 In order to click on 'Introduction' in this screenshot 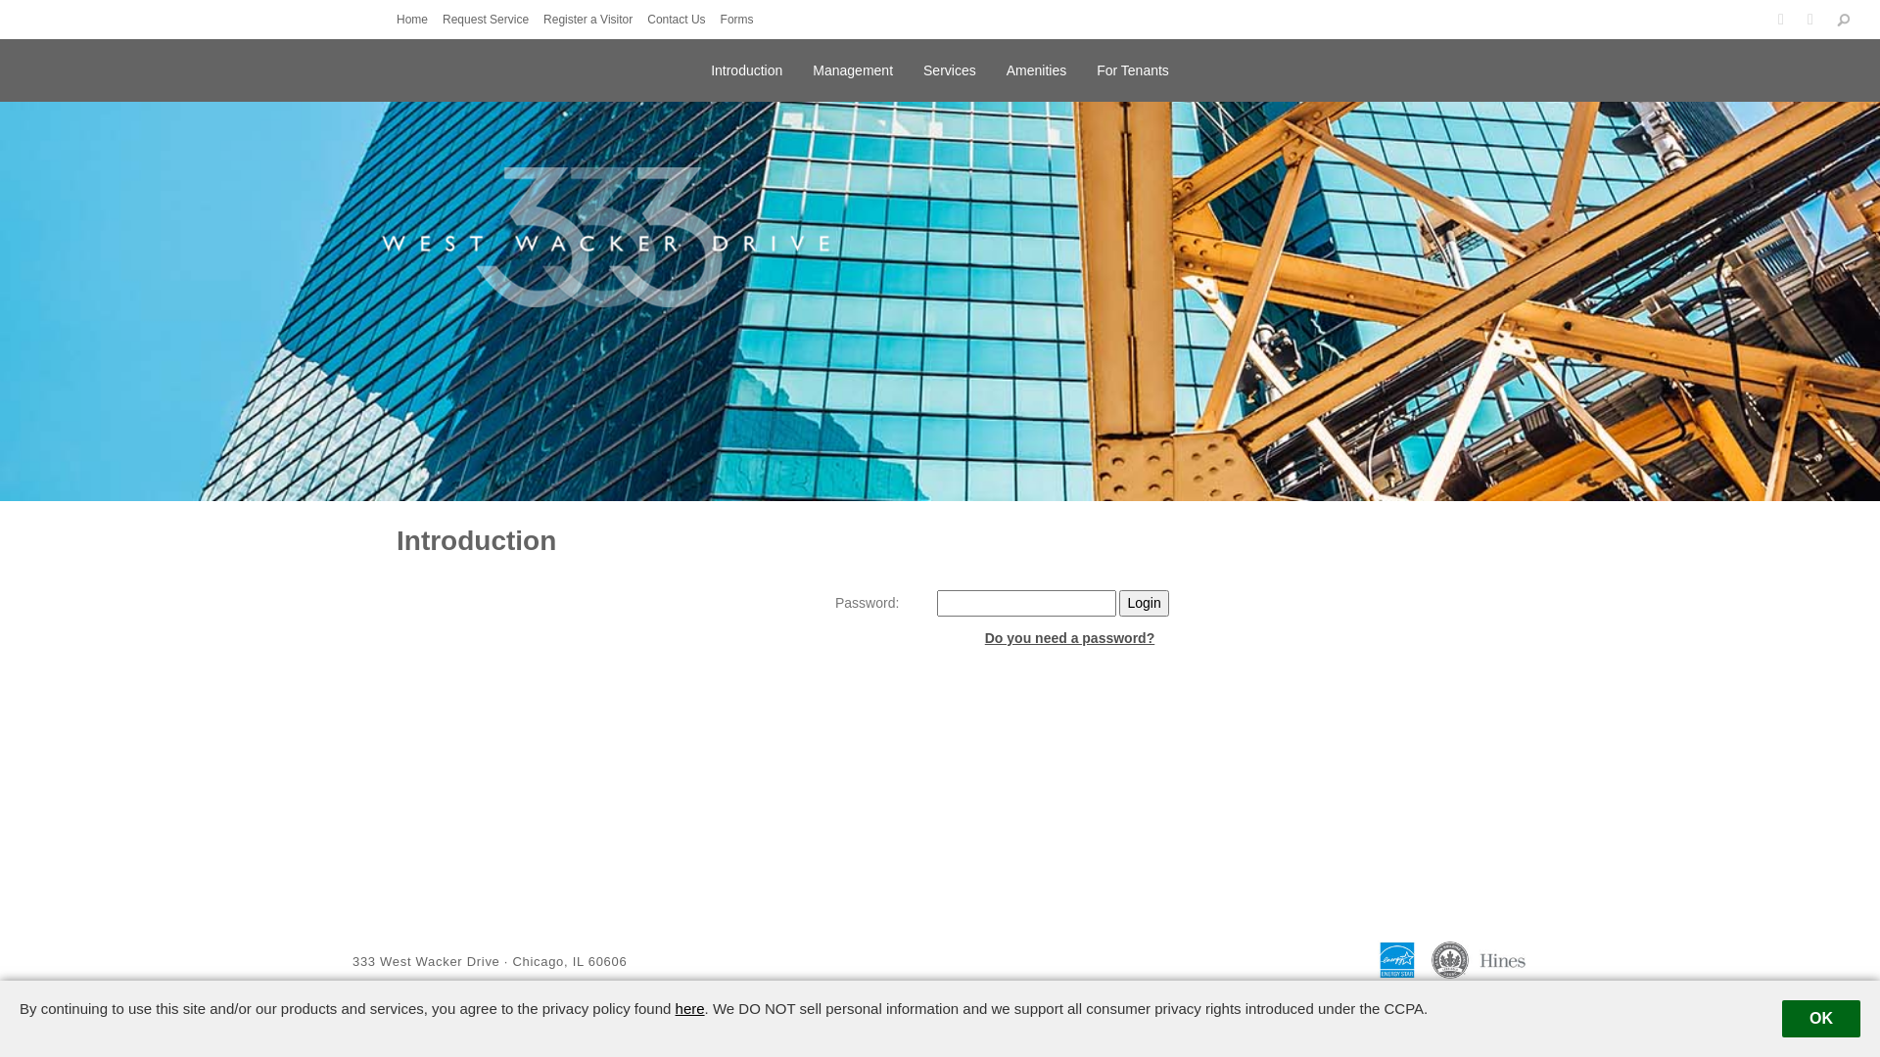, I will do `click(745, 67)`.